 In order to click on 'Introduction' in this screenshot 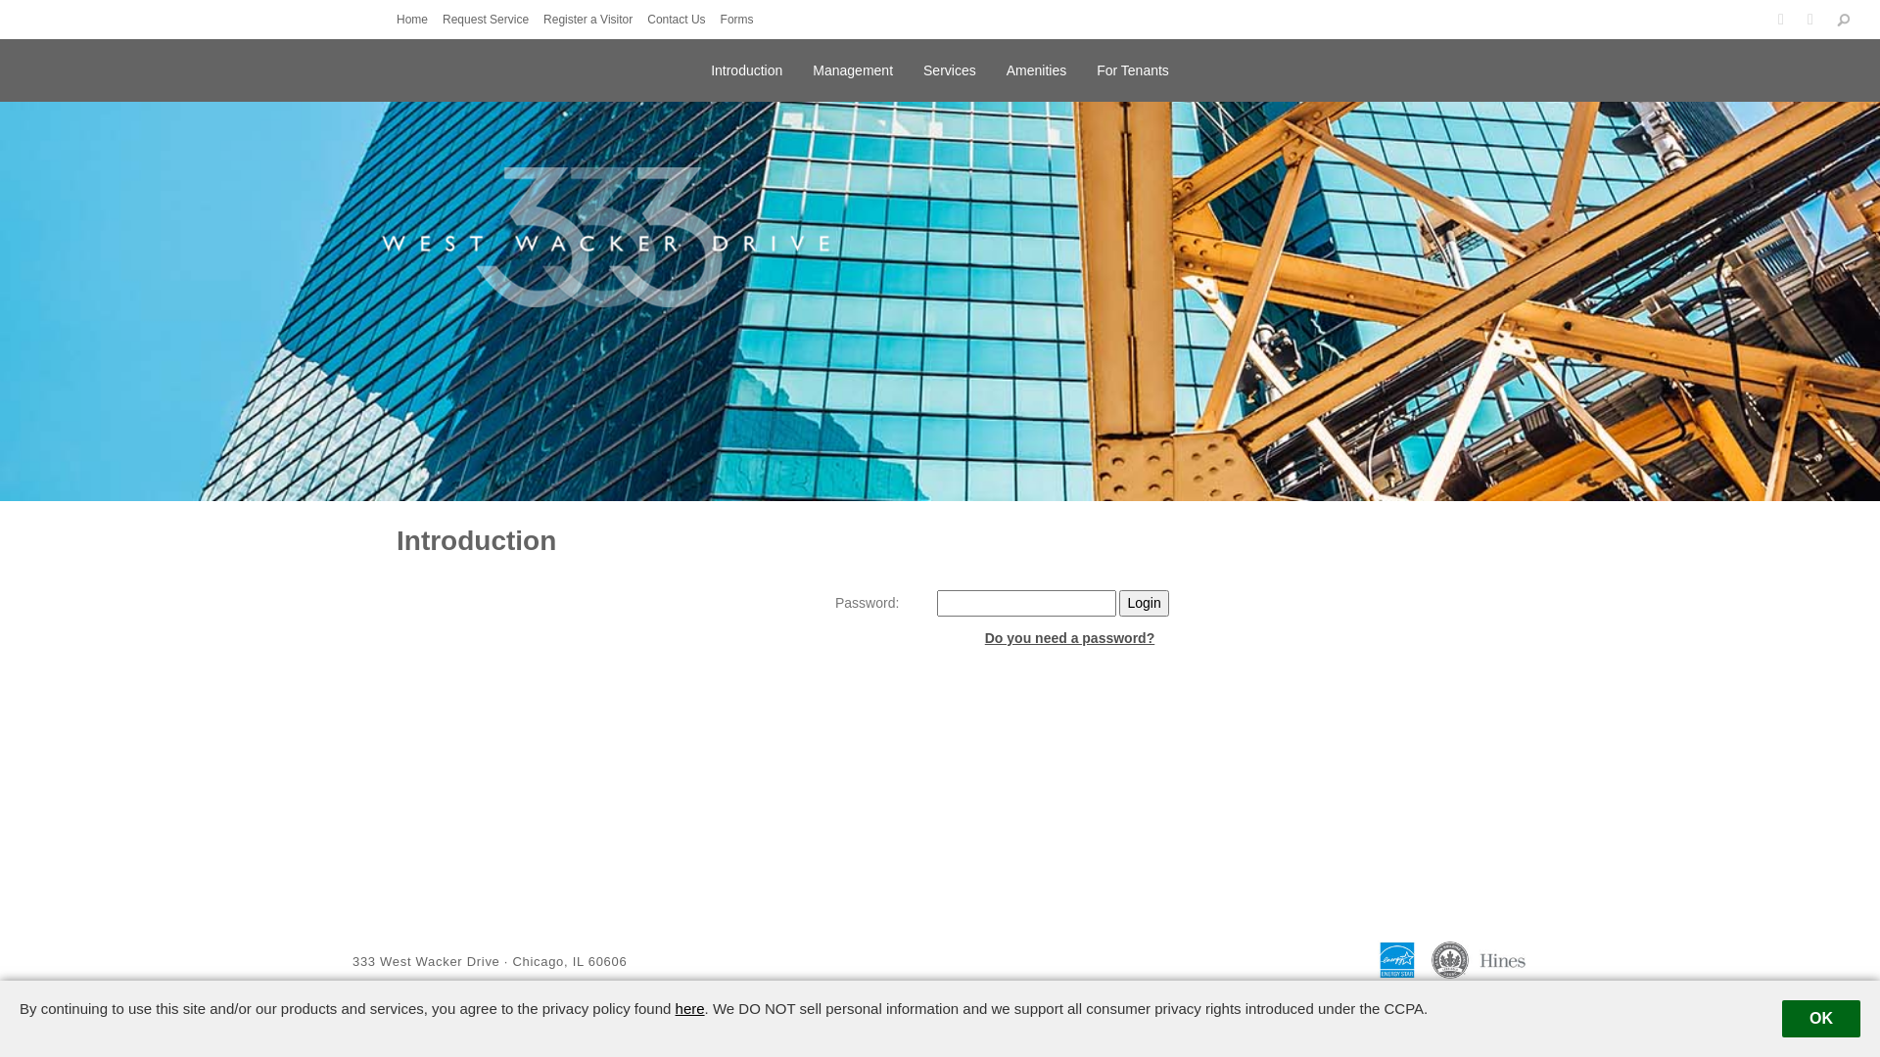, I will do `click(745, 67)`.